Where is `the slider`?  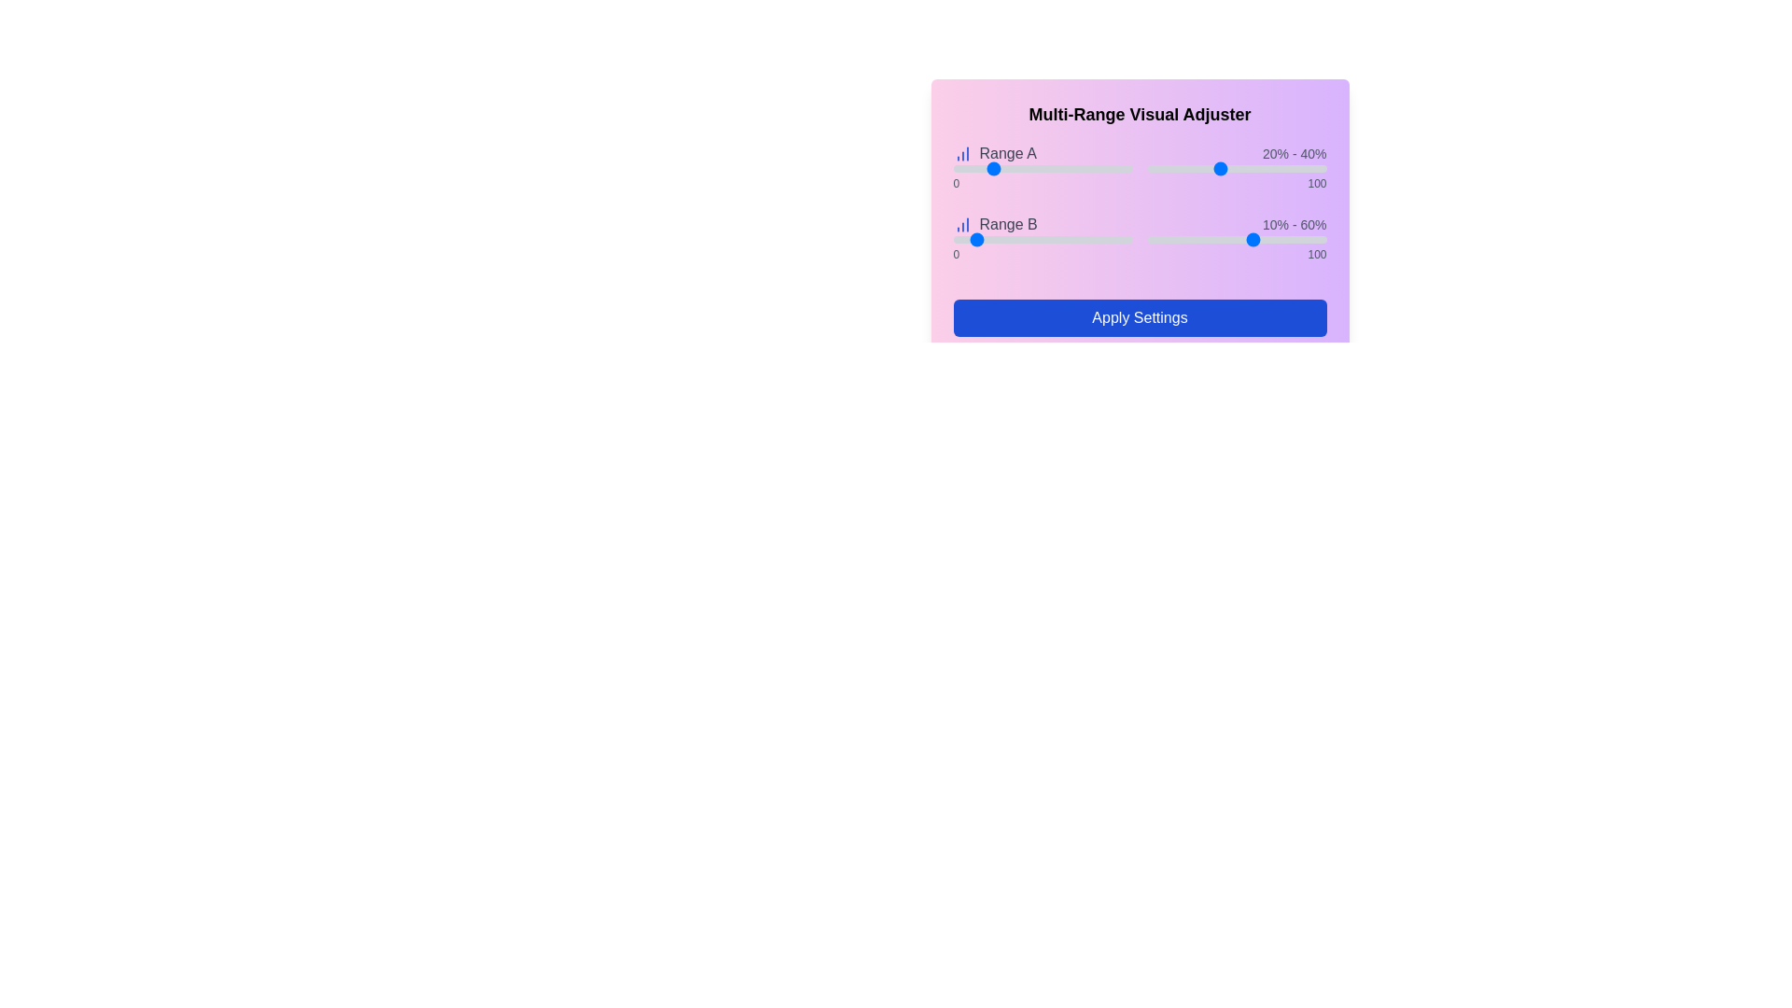 the slider is located at coordinates (1239, 169).